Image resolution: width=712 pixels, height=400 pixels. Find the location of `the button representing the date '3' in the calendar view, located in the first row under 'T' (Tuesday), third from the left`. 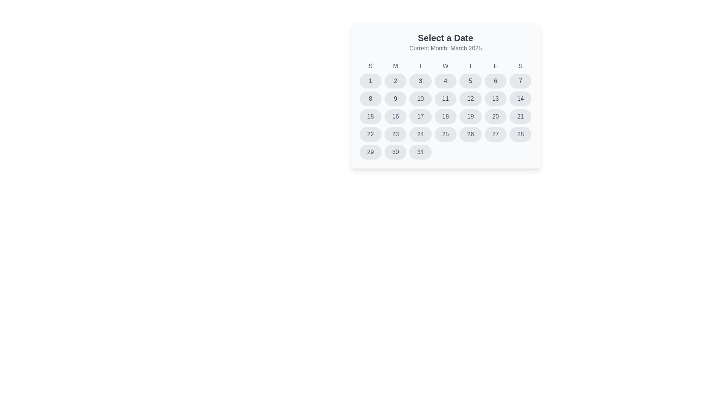

the button representing the date '3' in the calendar view, located in the first row under 'T' (Tuesday), third from the left is located at coordinates (421, 81).